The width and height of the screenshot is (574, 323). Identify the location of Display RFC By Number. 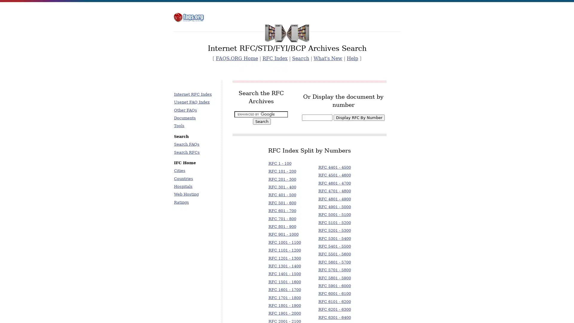
(359, 117).